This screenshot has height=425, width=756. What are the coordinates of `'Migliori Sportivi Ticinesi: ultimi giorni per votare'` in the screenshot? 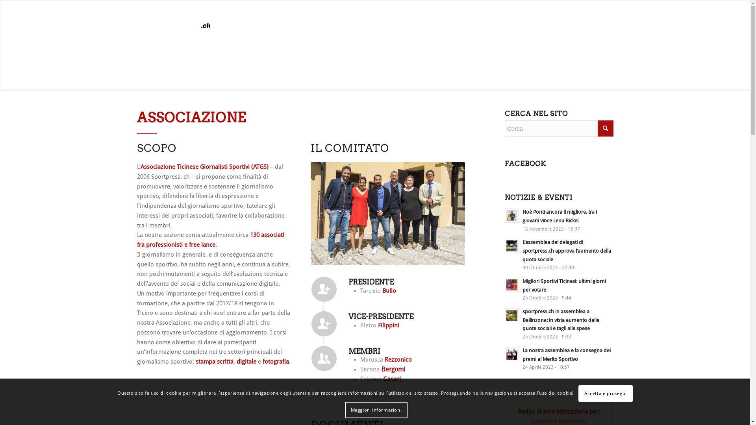 It's located at (564, 285).